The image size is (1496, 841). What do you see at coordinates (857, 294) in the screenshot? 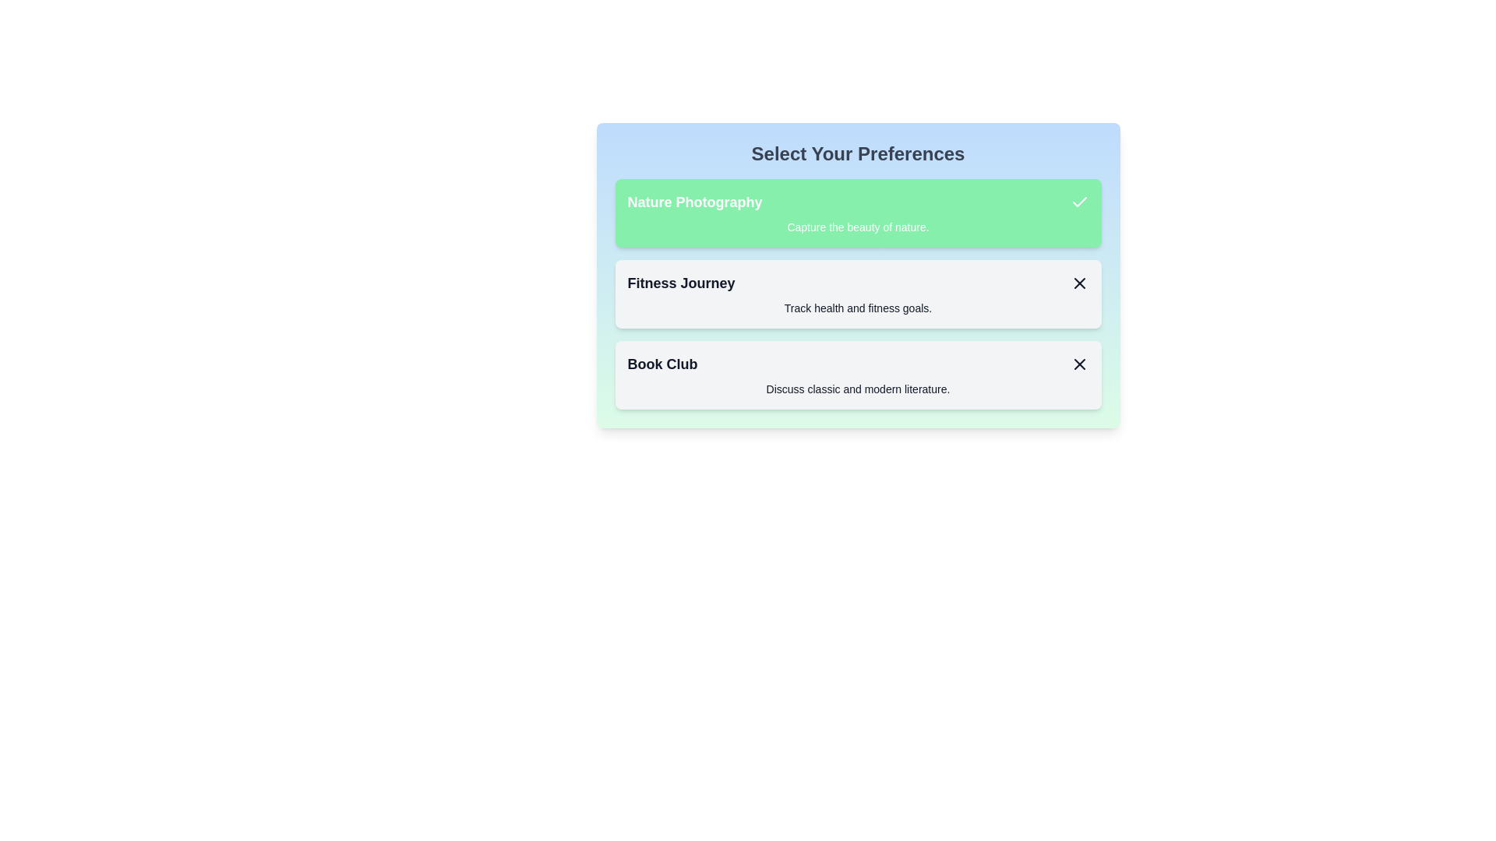
I see `the preference item labeled Fitness Journey to toggle its selection state` at bounding box center [857, 294].